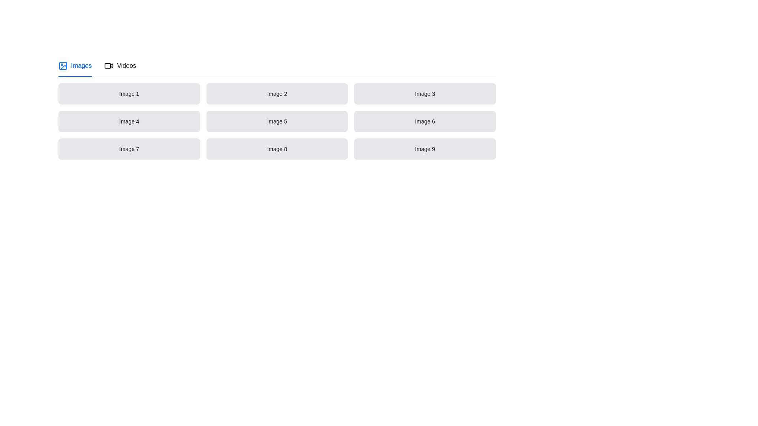 This screenshot has height=426, width=758. What do you see at coordinates (120, 65) in the screenshot?
I see `the 'Videos' tab button, which is the second tab in the navigation bar` at bounding box center [120, 65].